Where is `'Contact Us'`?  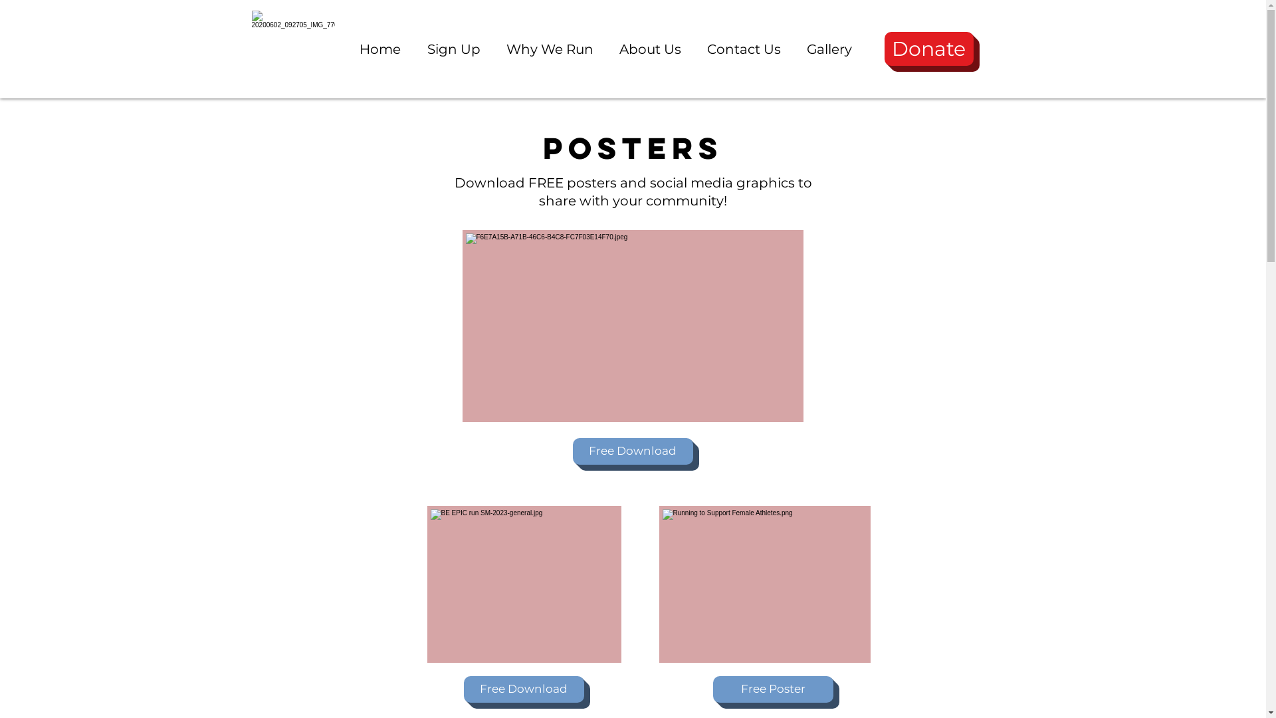
'Contact Us' is located at coordinates (746, 41).